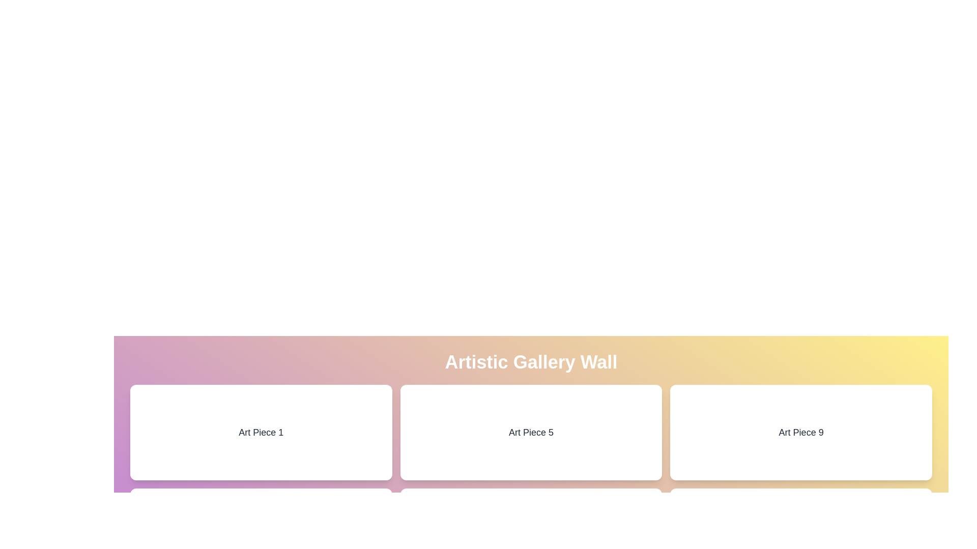  What do you see at coordinates (530, 362) in the screenshot?
I see `displayed text 'Artistic Gallery Wall' from the centered text label with a bold, large font and white color, set against a gradient background from yellow to purple` at bounding box center [530, 362].